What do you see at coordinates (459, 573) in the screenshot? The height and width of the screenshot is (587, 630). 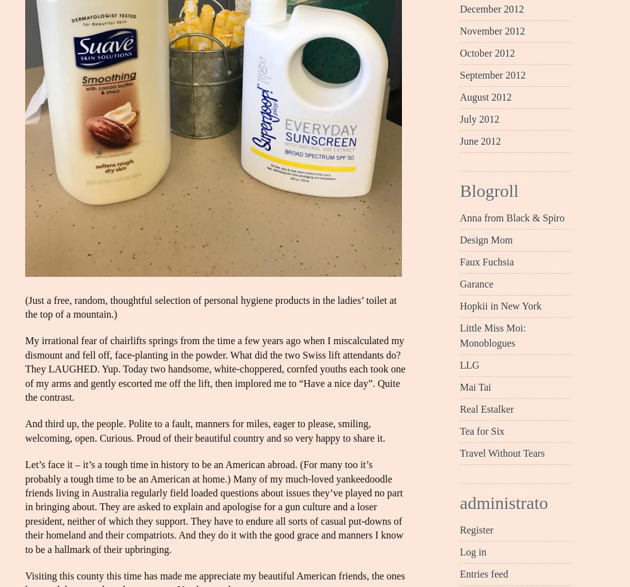 I see `'Entries feed'` at bounding box center [459, 573].